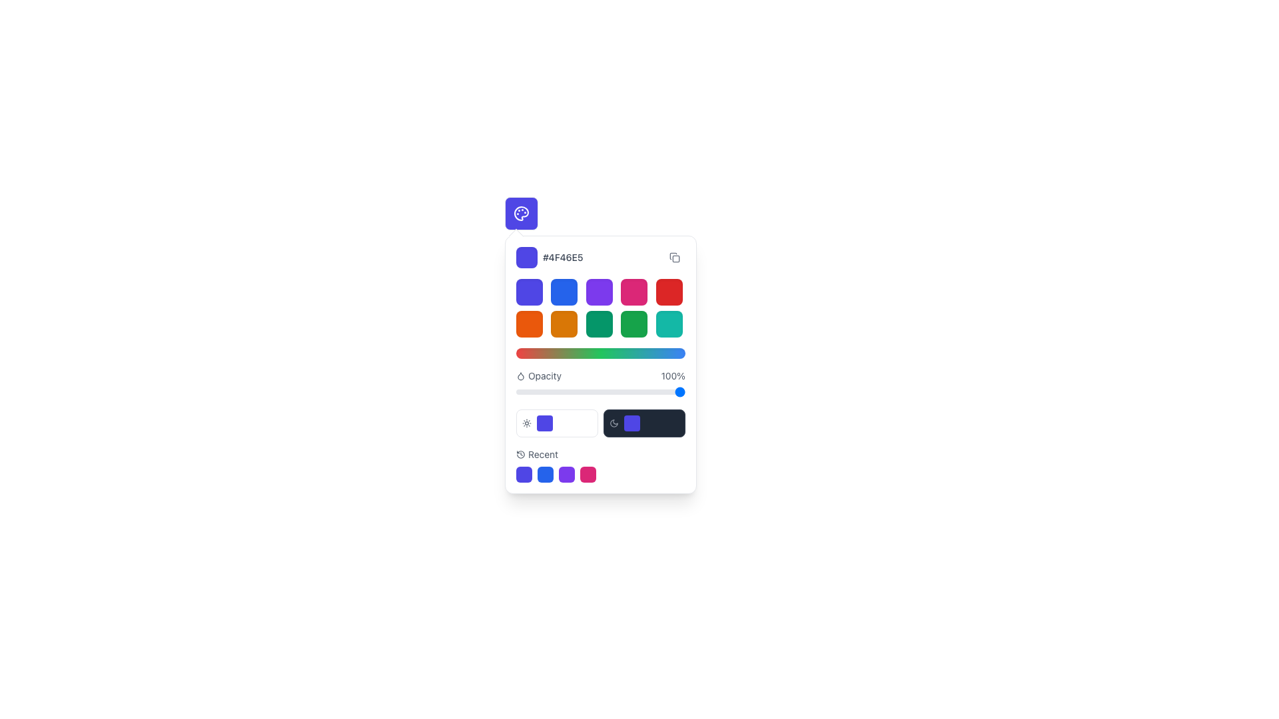 The width and height of the screenshot is (1279, 719). I want to click on opacity, so click(538, 391).